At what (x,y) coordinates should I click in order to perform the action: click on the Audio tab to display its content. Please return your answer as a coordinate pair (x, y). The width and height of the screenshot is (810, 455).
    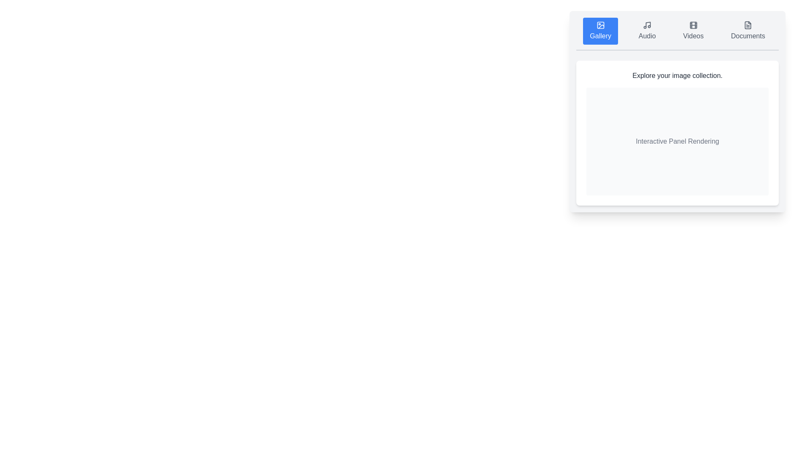
    Looking at the image, I should click on (647, 30).